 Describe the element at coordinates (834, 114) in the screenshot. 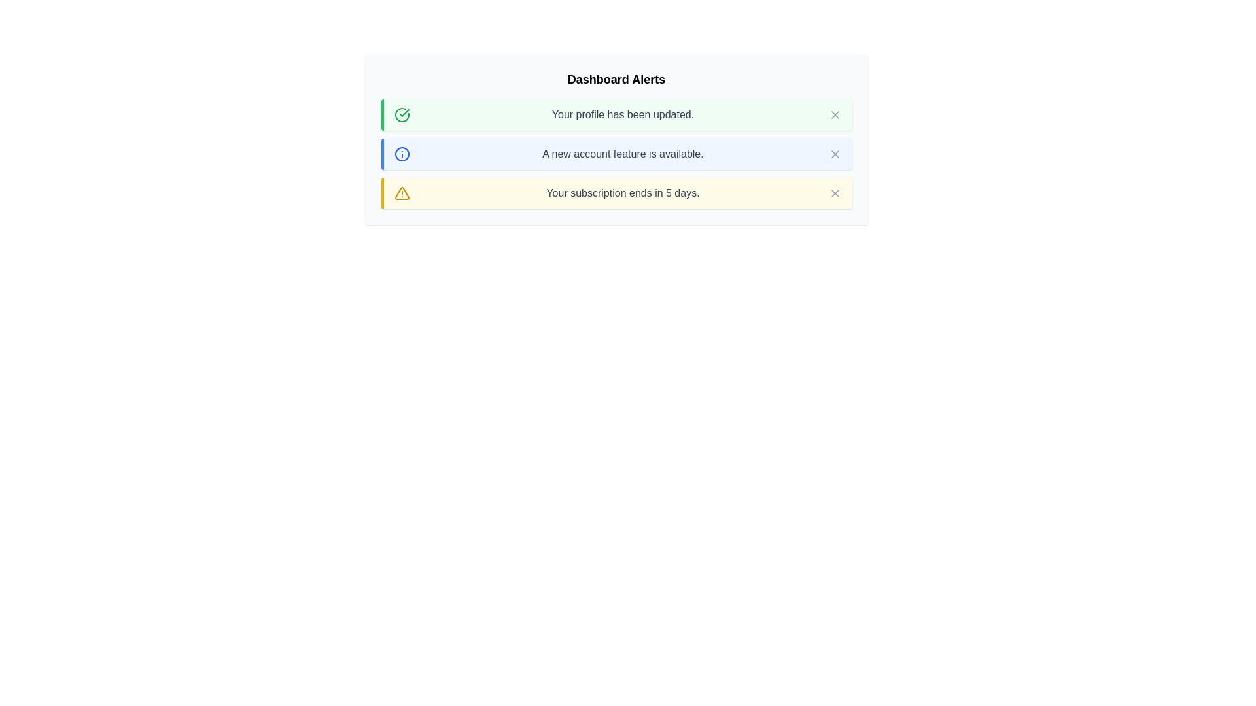

I see `the close icon, which is a diagonal cross resembling an 'X' located in the top right corner of the notification box with a light green background` at that location.